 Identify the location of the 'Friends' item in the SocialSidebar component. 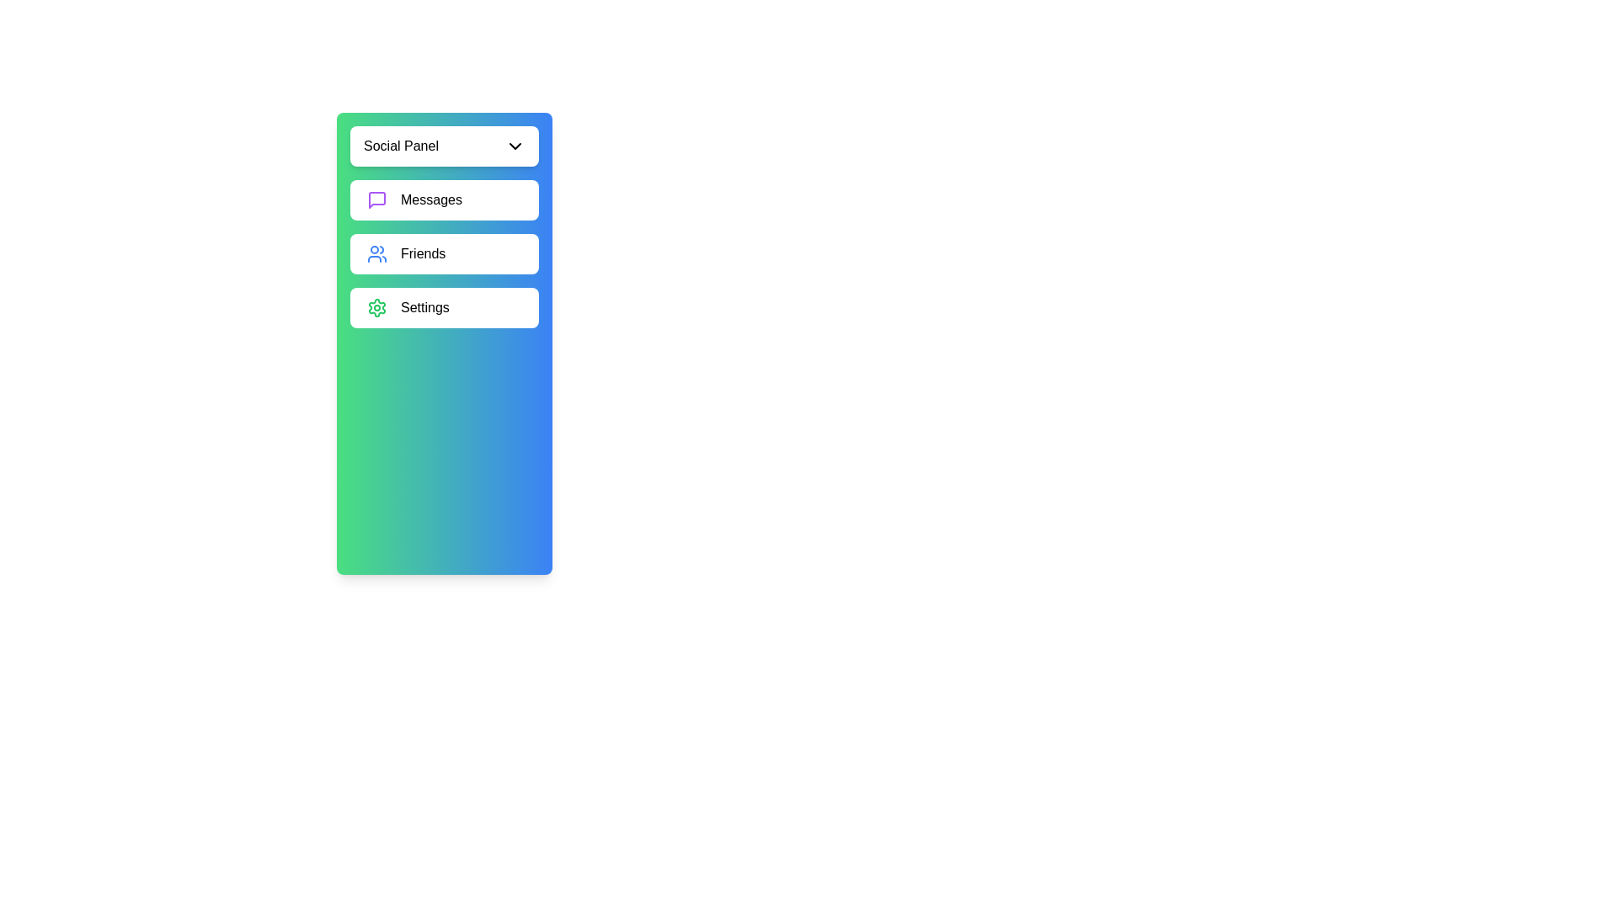
(445, 253).